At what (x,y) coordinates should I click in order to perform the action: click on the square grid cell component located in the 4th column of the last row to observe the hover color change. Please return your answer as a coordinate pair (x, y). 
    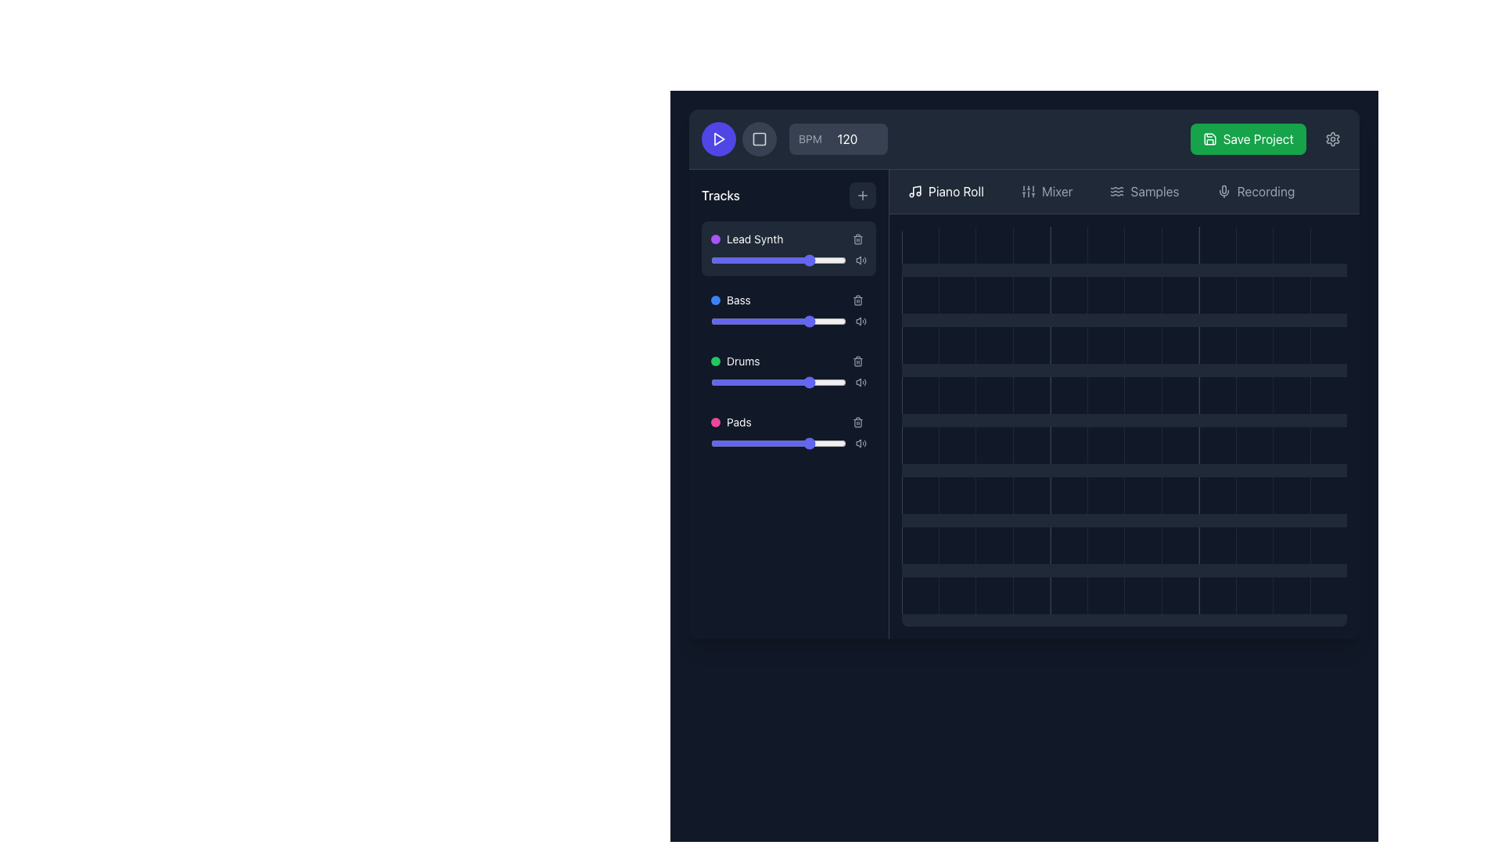
    Looking at the image, I should click on (1031, 595).